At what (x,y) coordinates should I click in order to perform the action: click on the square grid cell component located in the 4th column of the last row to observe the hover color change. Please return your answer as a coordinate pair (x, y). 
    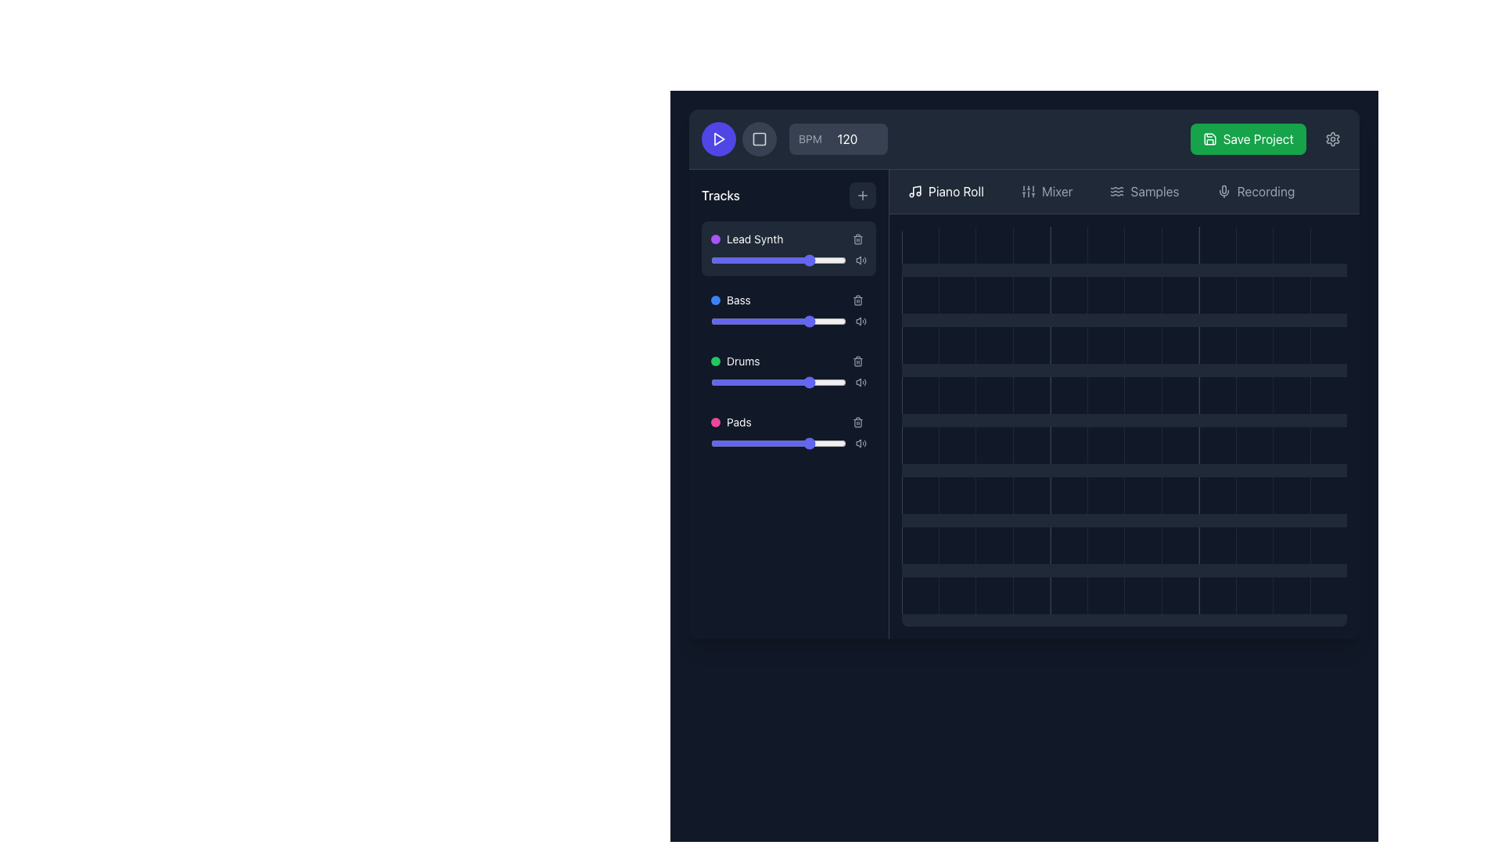
    Looking at the image, I should click on (1031, 595).